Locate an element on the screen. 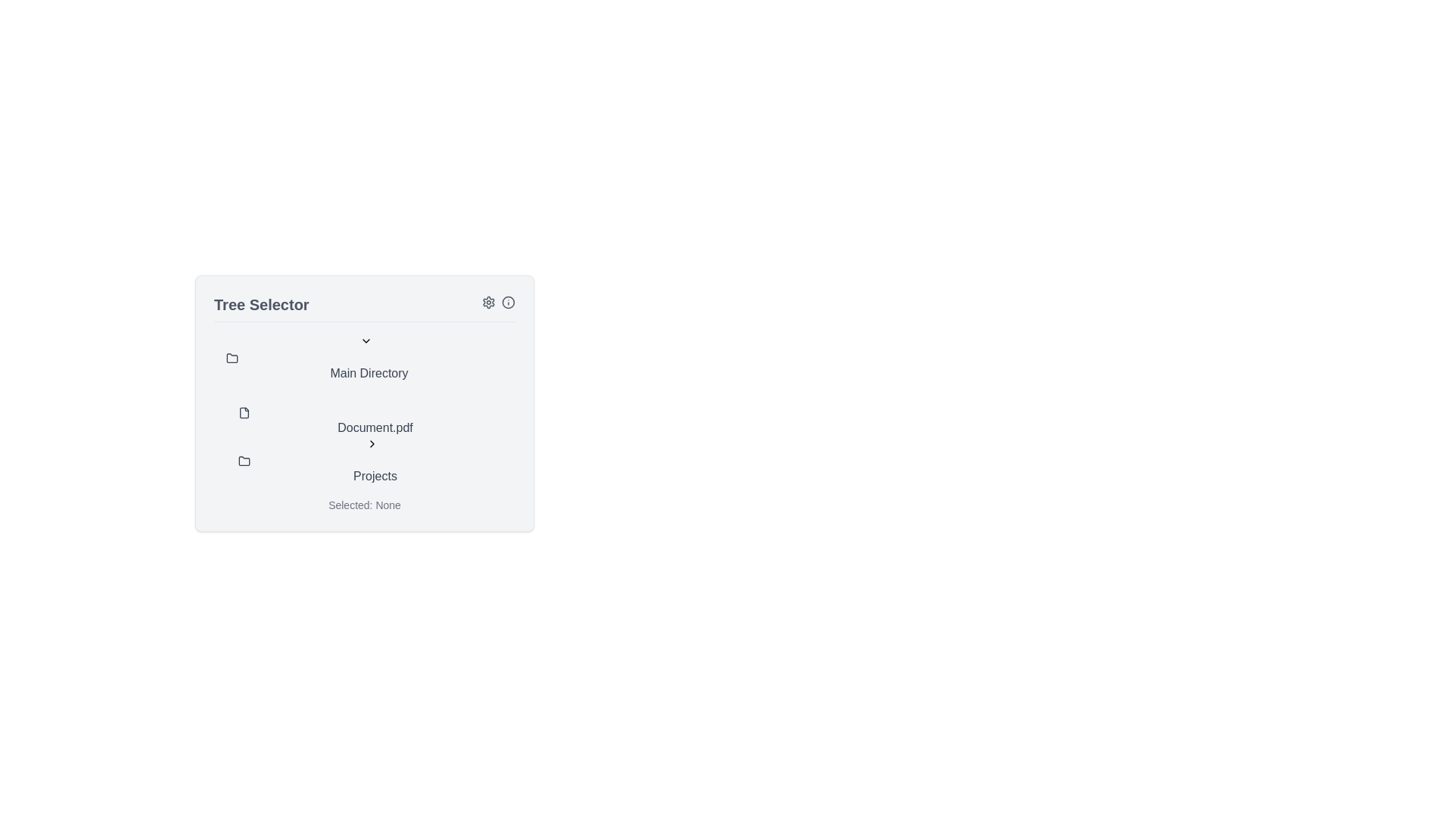  the 'Document.pdf' file in the file navigation section is located at coordinates (377, 437).